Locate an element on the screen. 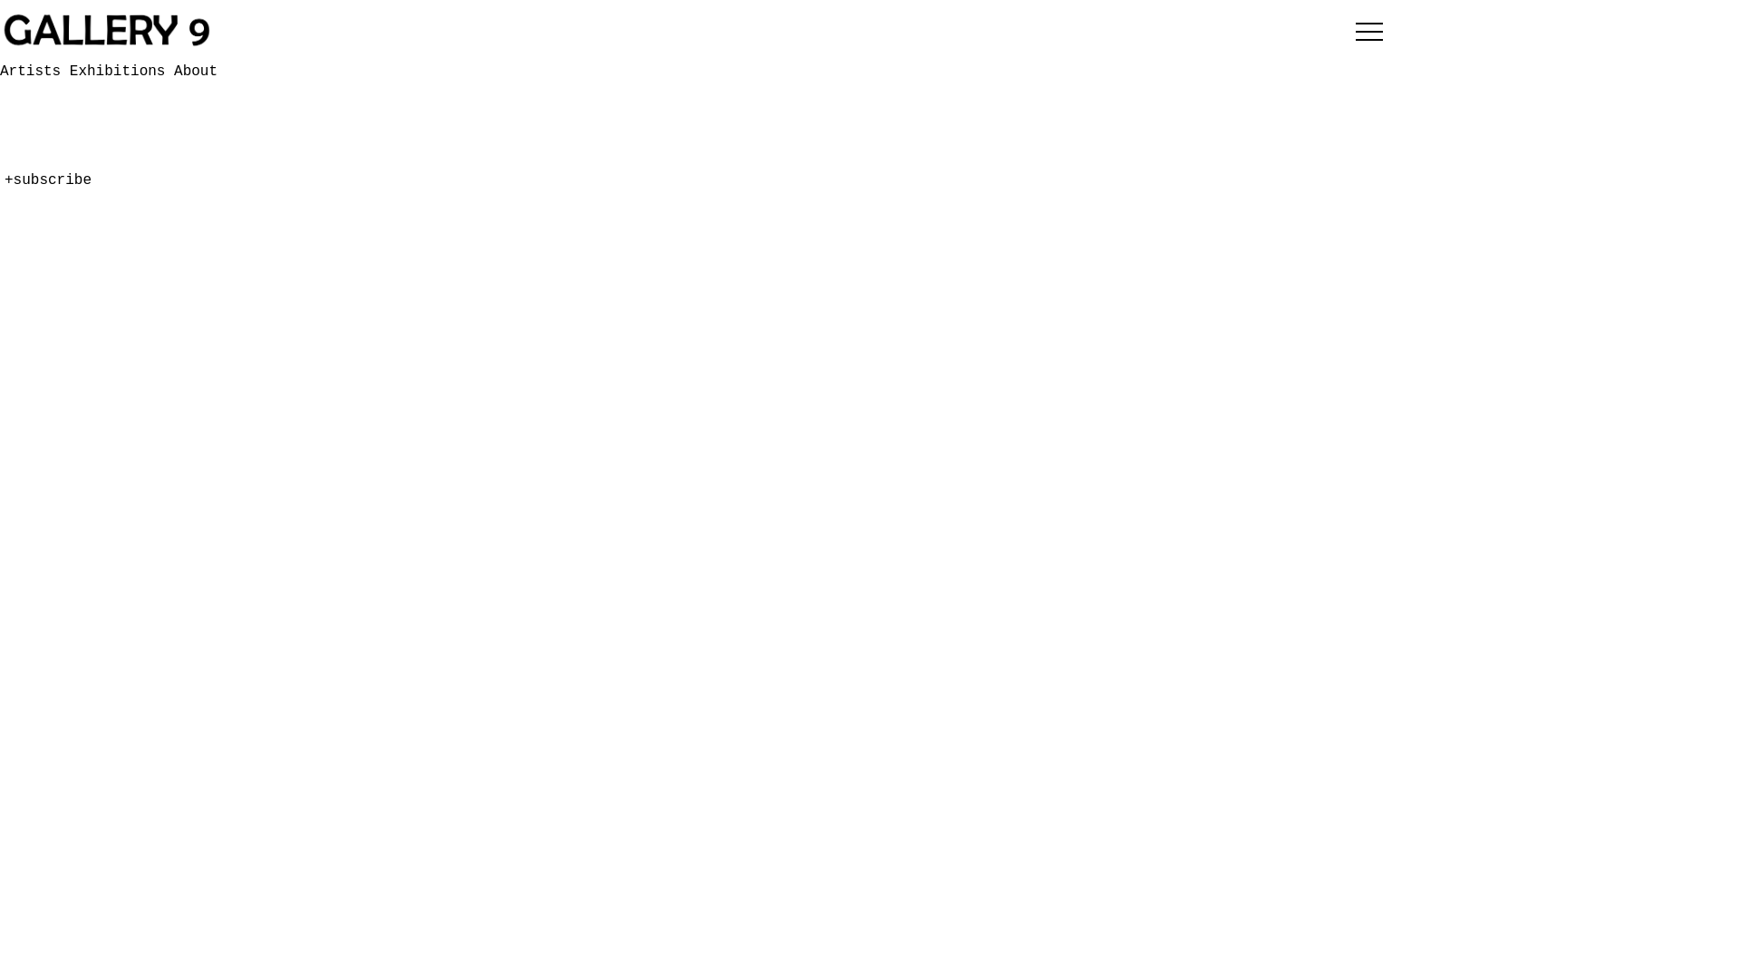  '+subscribe' is located at coordinates (47, 319).